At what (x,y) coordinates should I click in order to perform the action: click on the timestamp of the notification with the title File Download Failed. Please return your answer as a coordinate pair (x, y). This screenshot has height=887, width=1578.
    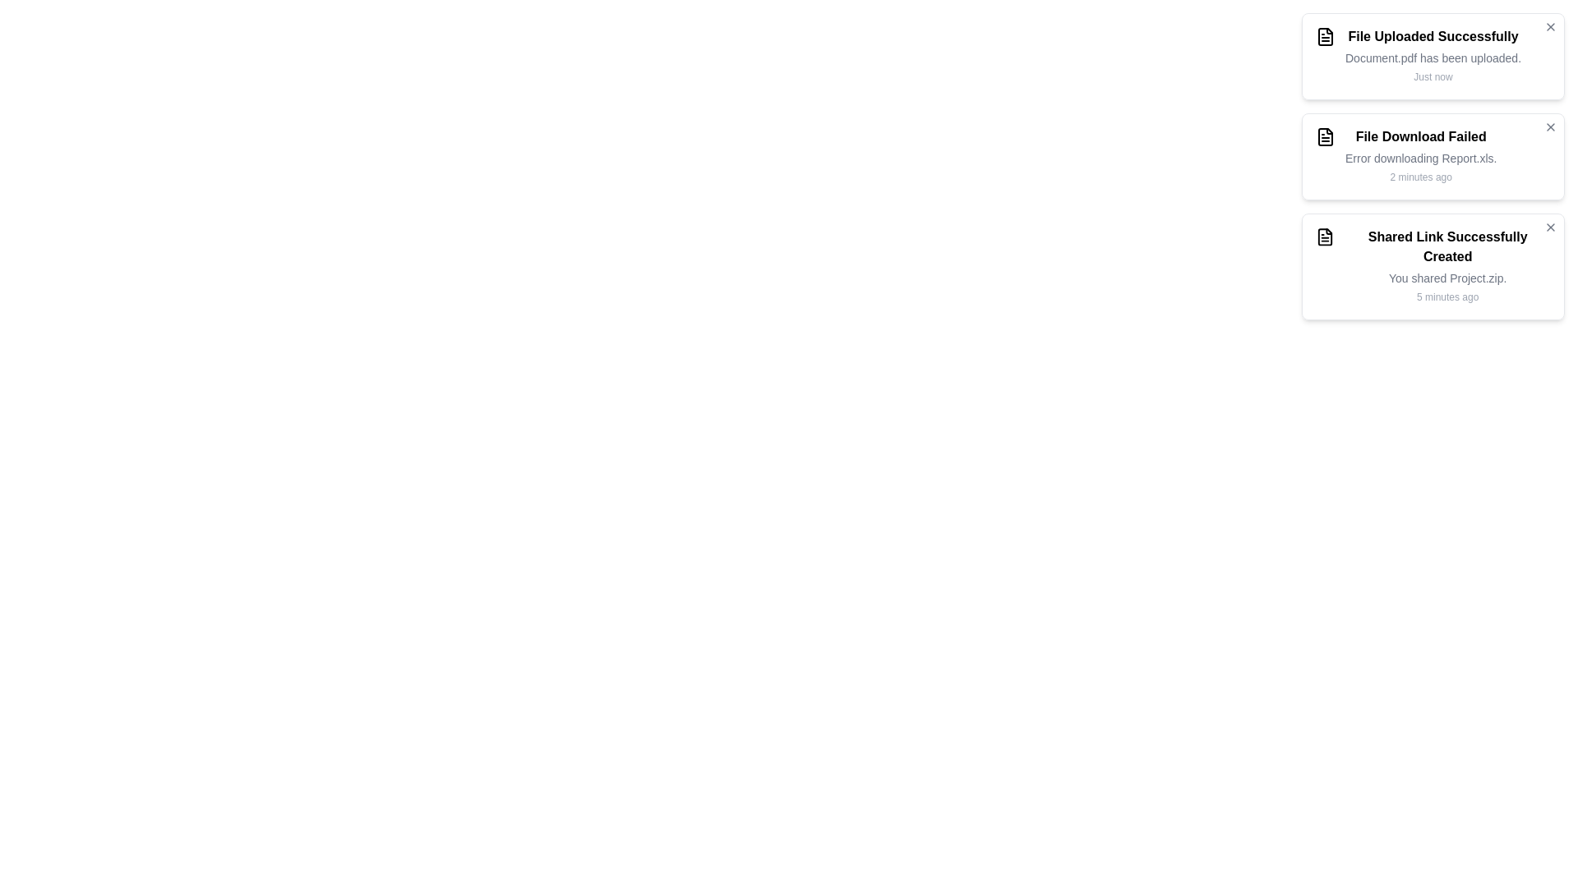
    Looking at the image, I should click on (1419, 177).